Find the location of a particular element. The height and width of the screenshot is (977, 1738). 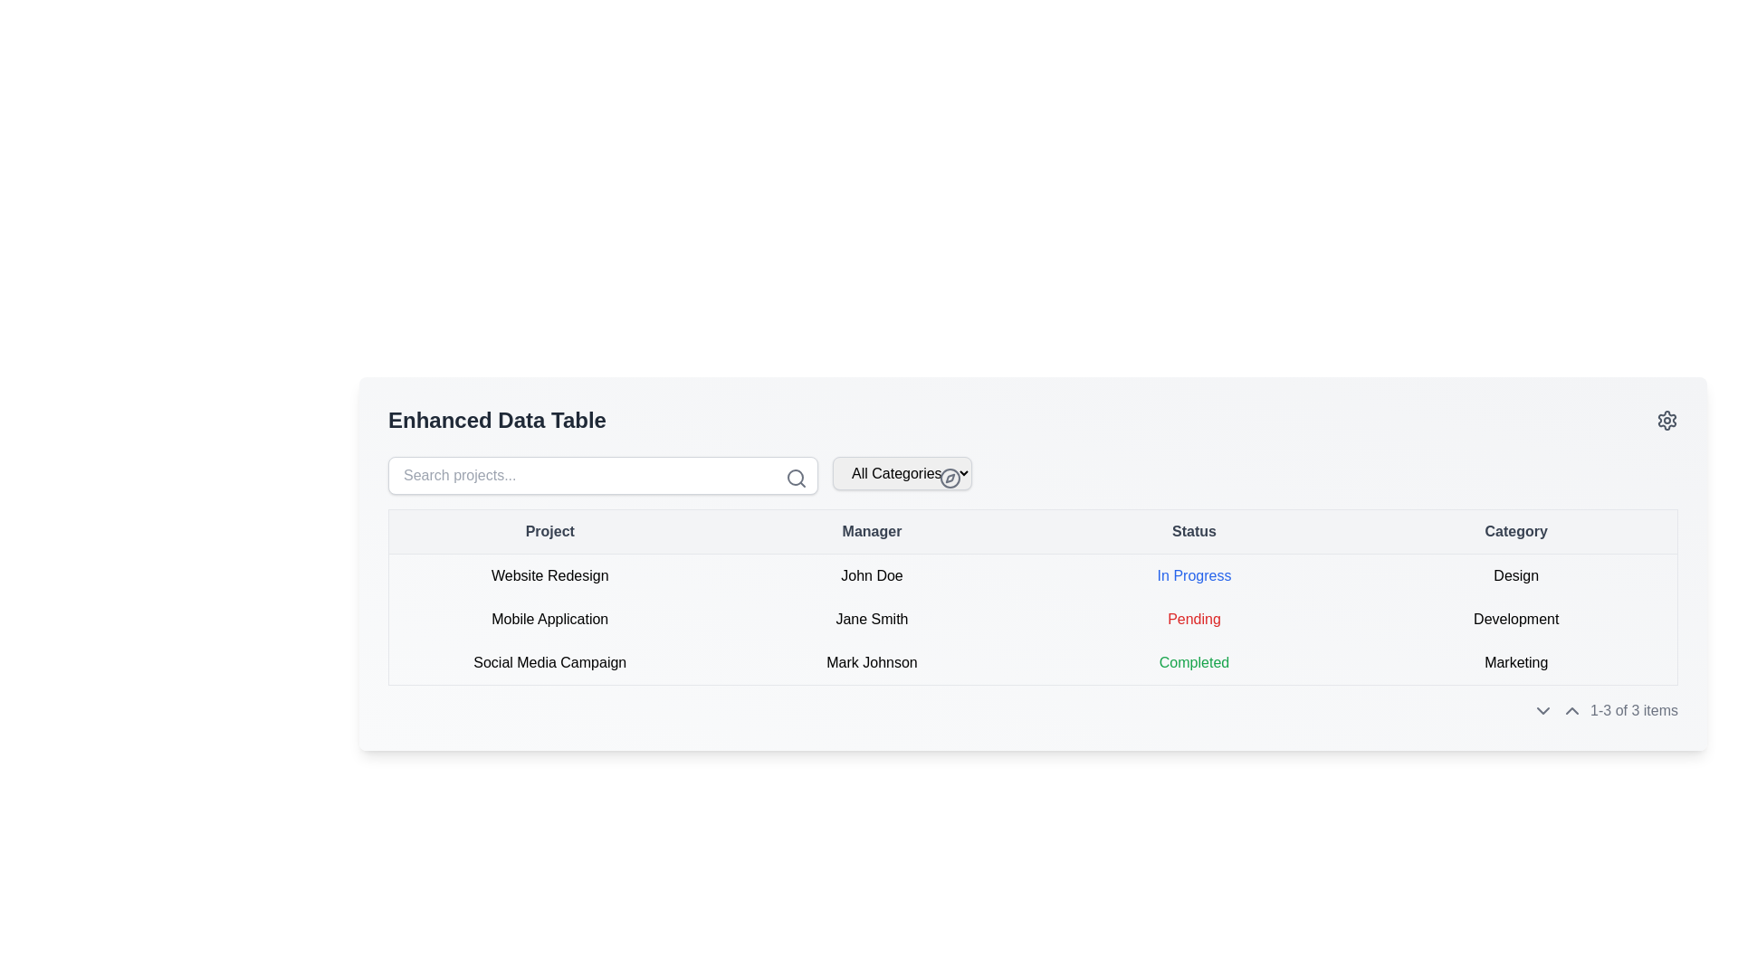

the magnifying glass icon located at the right end of the search input field, which indicates a search function is located at coordinates (796, 477).